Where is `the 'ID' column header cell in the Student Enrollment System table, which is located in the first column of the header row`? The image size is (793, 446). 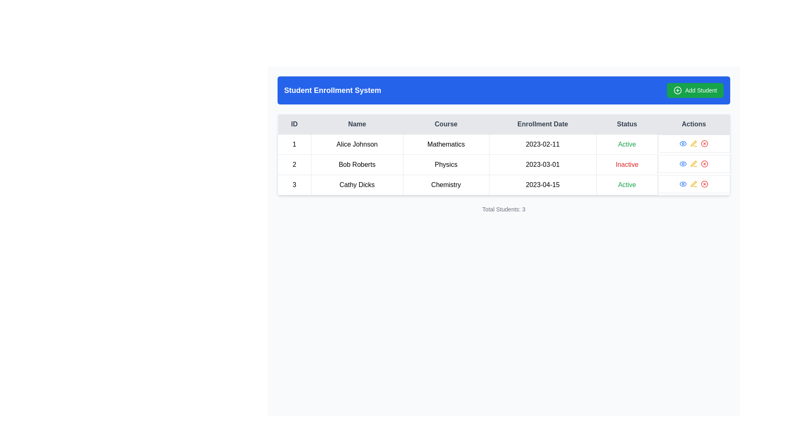 the 'ID' column header cell in the Student Enrollment System table, which is located in the first column of the header row is located at coordinates (294, 124).